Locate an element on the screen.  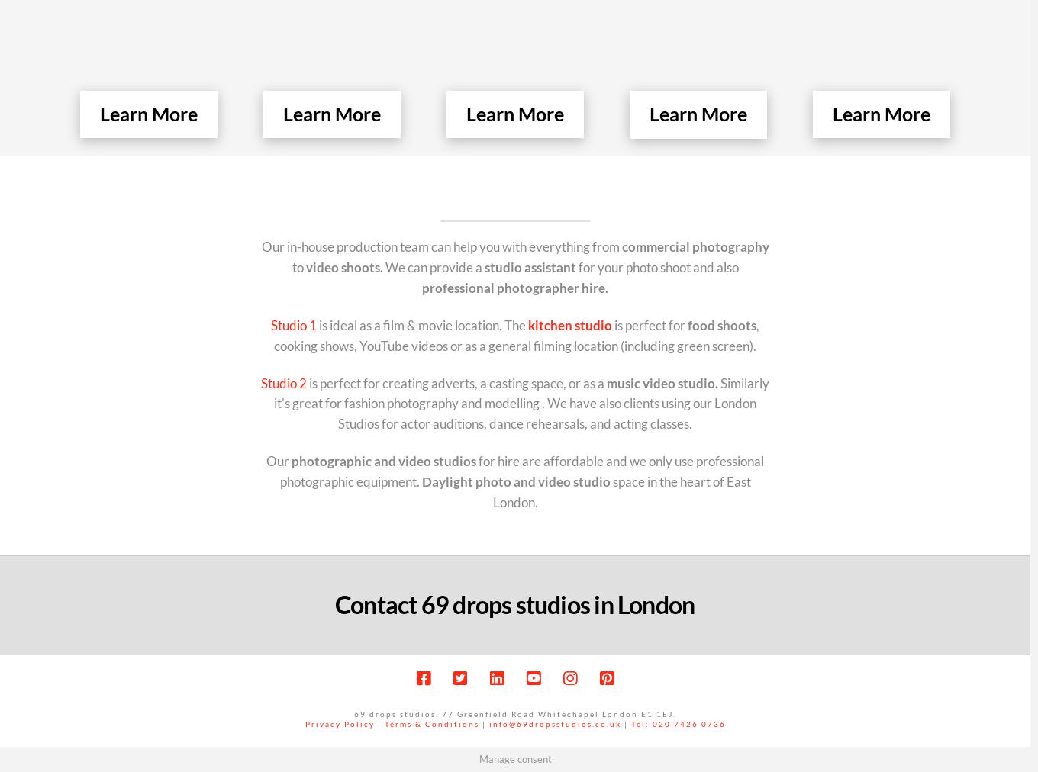
'studio assistant' is located at coordinates (528, 265).